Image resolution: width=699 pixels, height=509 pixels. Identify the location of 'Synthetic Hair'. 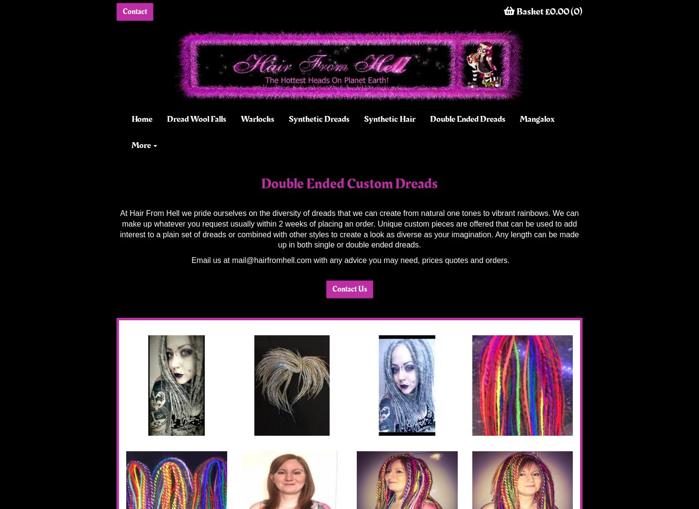
(389, 118).